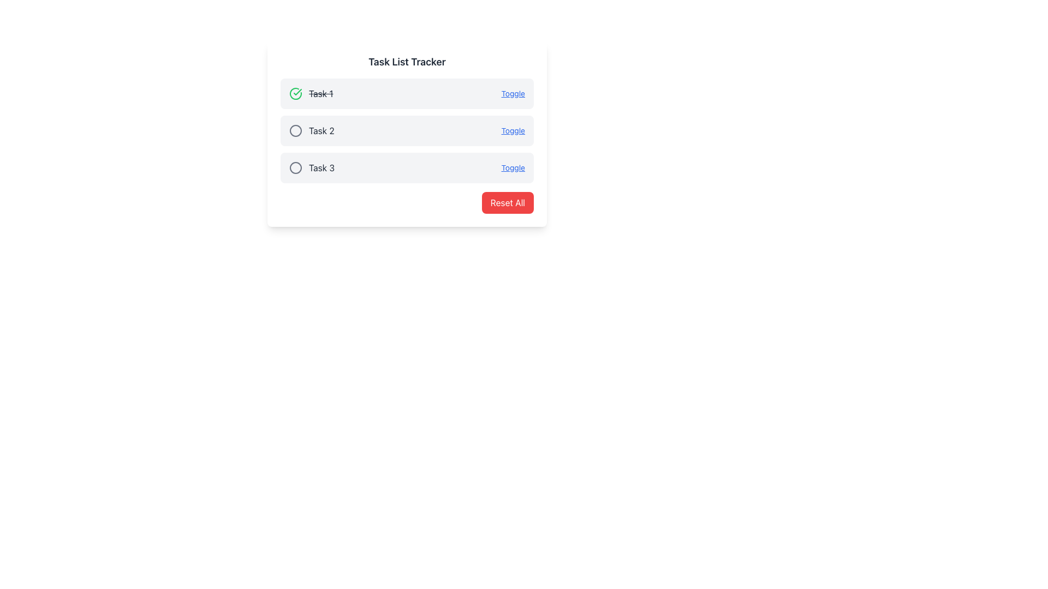 The height and width of the screenshot is (589, 1048). What do you see at coordinates (321, 130) in the screenshot?
I see `the text label that displays 'Task 2', which is styled in dark gray and located in the second row of a vertical list of tasks, positioned between a circular icon on the left and a 'Toggle' button on the right` at bounding box center [321, 130].